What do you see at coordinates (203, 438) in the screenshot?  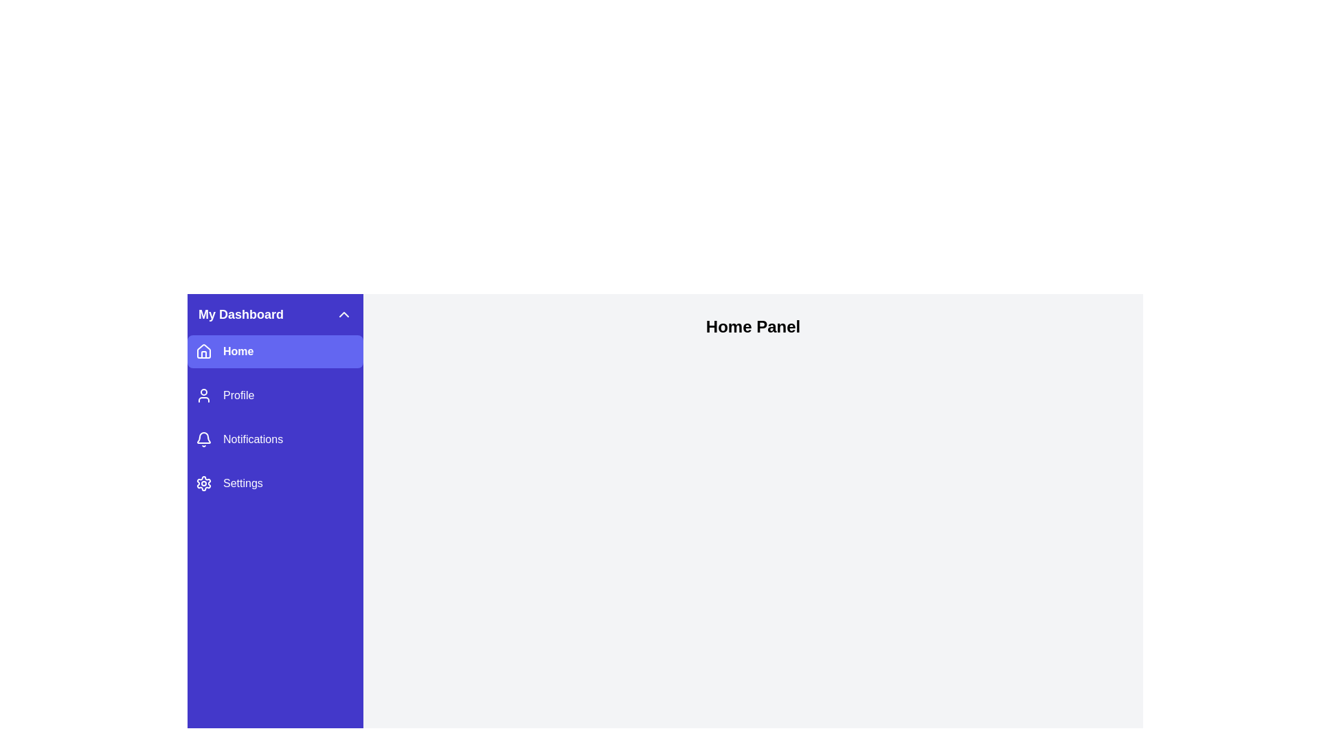 I see `the 'Notifications' icon, which is the third element in the vertical list of the left navigation menu` at bounding box center [203, 438].